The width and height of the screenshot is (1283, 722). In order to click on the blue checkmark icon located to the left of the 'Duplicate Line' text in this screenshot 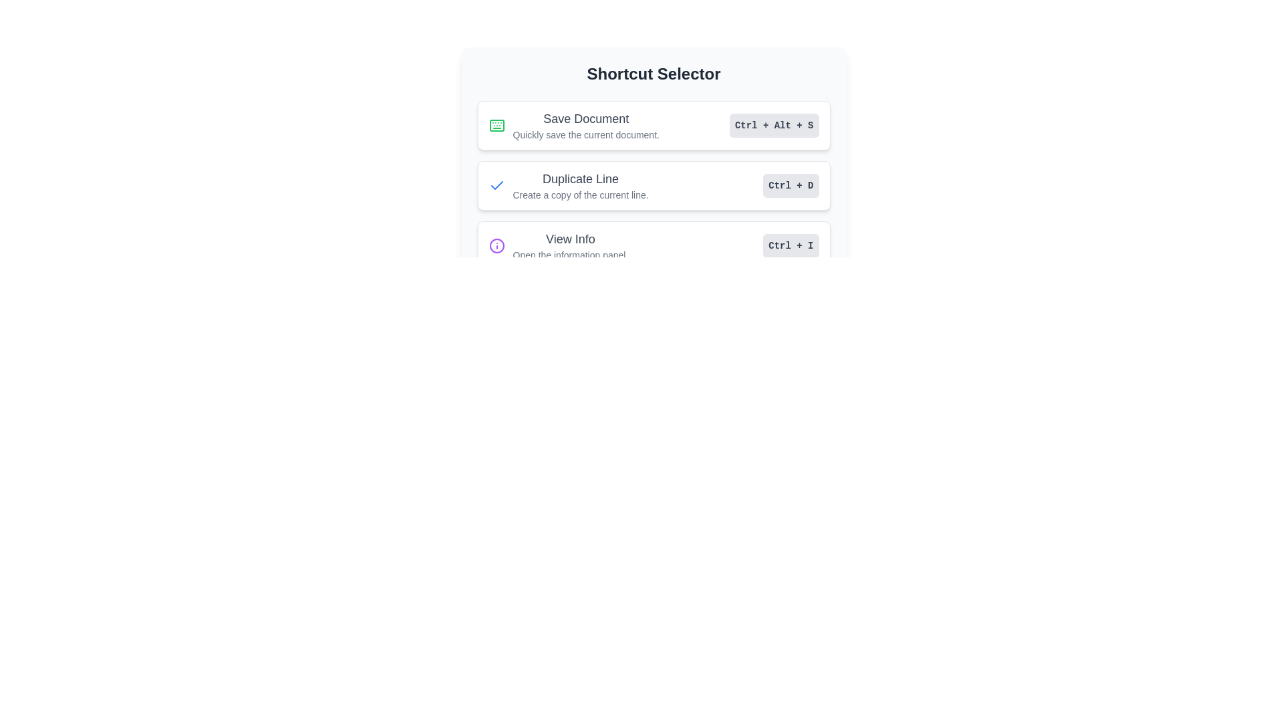, I will do `click(496, 185)`.